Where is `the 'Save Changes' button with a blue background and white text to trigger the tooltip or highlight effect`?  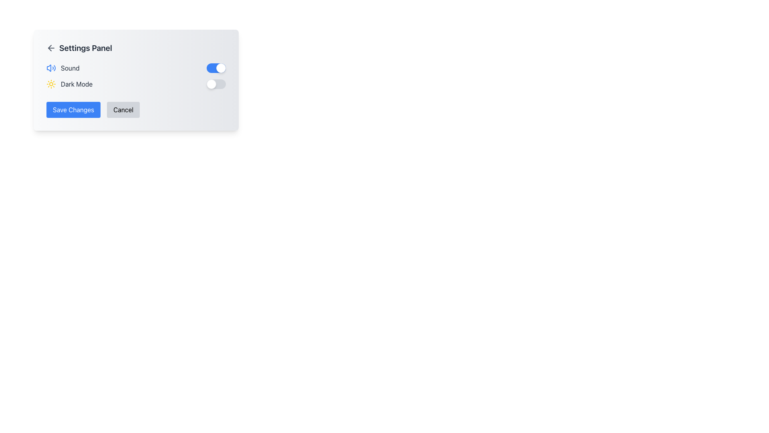 the 'Save Changes' button with a blue background and white text to trigger the tooltip or highlight effect is located at coordinates (73, 109).